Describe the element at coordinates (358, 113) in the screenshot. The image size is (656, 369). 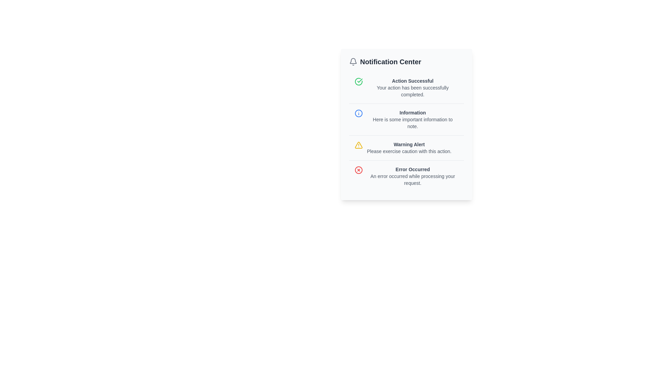
I see `the icon located to the left of the 'Information' section in the notification panel to interact or see more details` at that location.